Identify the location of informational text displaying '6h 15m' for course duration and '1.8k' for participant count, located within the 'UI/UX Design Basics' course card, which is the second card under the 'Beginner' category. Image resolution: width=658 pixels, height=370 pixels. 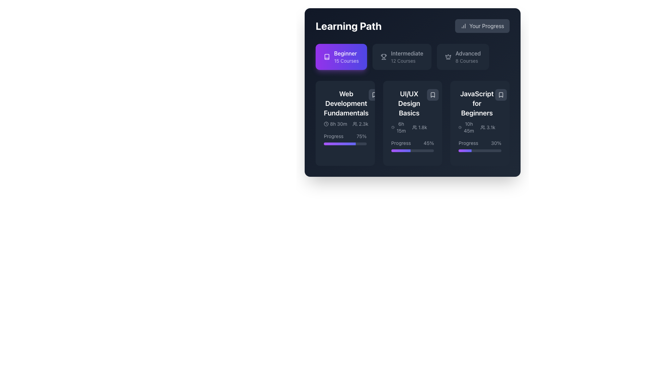
(409, 127).